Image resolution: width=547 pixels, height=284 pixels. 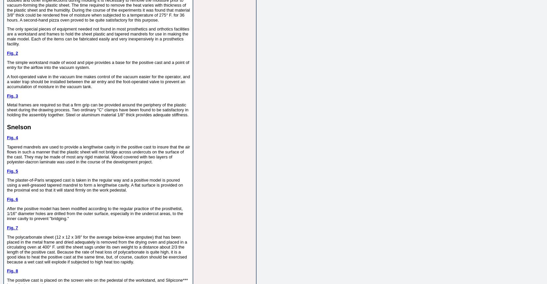 I want to click on 'Fig. 2', so click(x=7, y=53).